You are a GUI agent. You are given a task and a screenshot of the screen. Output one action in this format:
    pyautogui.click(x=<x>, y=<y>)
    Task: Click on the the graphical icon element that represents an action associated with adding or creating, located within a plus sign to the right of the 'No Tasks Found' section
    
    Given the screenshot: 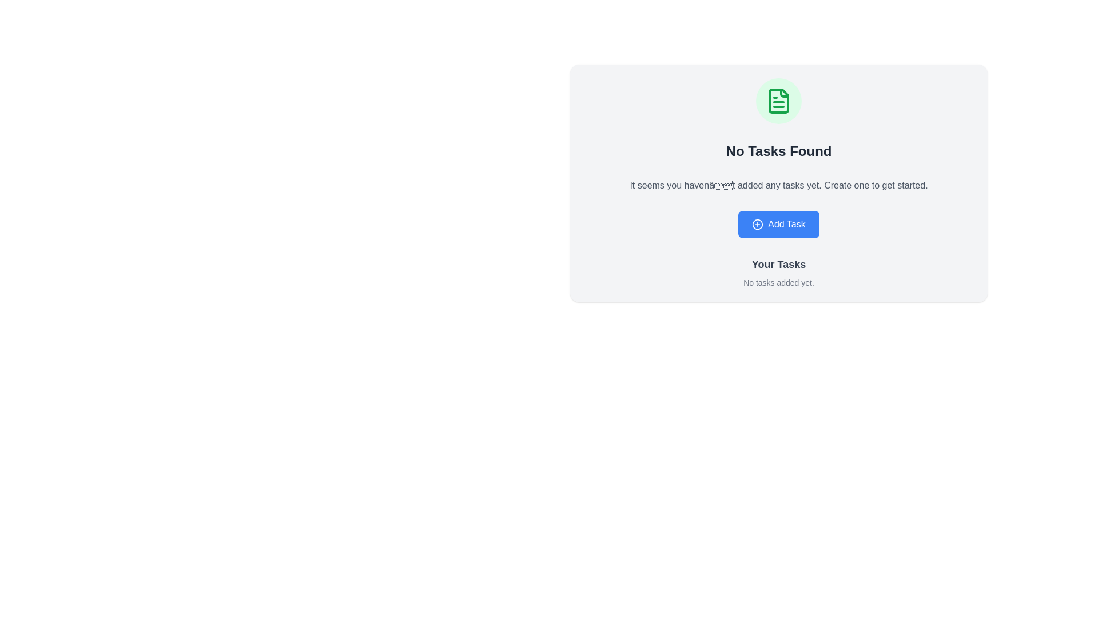 What is the action you would take?
    pyautogui.click(x=758, y=225)
    